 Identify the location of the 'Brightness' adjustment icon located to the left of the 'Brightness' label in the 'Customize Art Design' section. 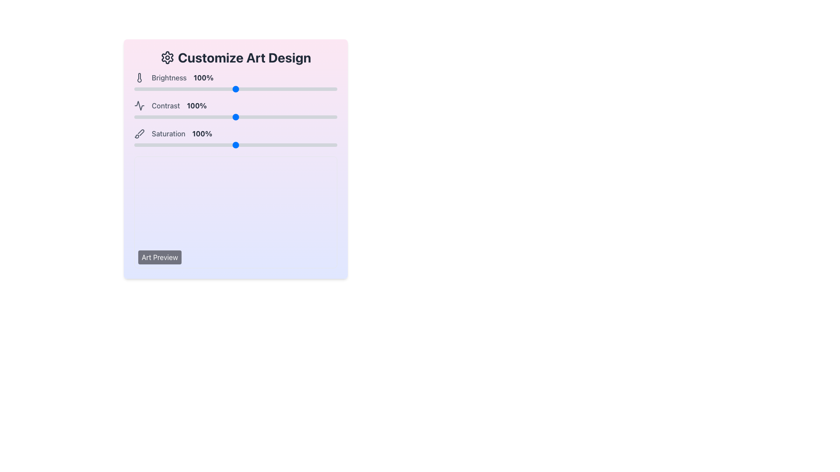
(139, 77).